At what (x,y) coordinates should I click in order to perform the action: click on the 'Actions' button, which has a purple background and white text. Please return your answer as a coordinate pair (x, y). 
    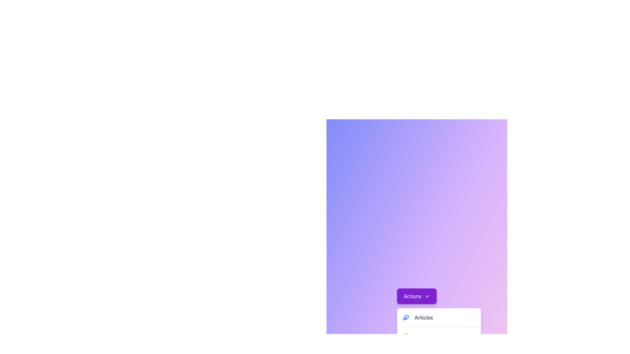
    Looking at the image, I should click on (416, 296).